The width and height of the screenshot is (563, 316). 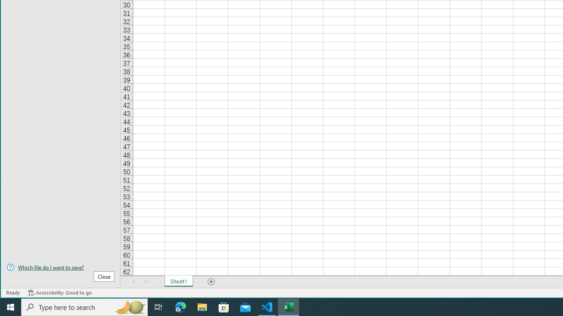 What do you see at coordinates (180, 306) in the screenshot?
I see `'Microsoft Edge'` at bounding box center [180, 306].